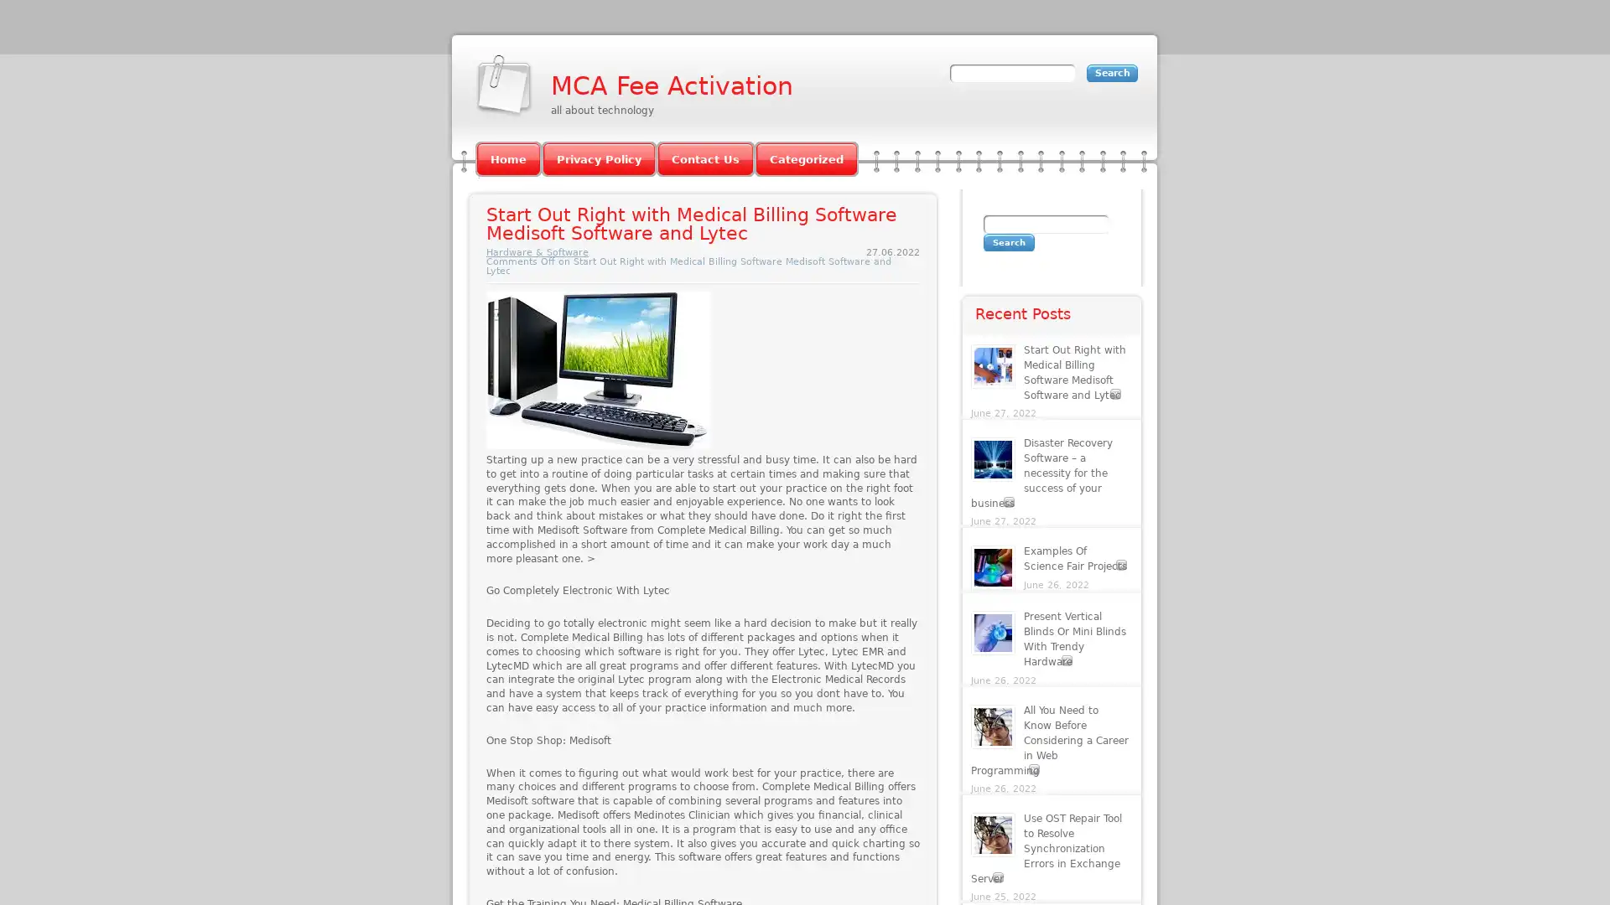 This screenshot has height=905, width=1610. What do you see at coordinates (1112, 72) in the screenshot?
I see `Search` at bounding box center [1112, 72].